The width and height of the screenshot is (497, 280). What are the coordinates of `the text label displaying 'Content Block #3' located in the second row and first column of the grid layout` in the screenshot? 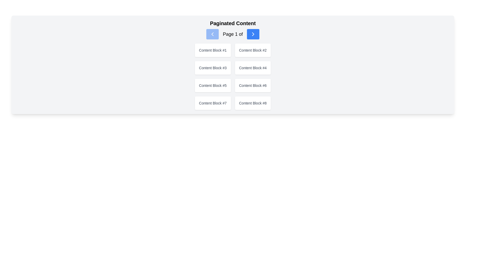 It's located at (213, 68).